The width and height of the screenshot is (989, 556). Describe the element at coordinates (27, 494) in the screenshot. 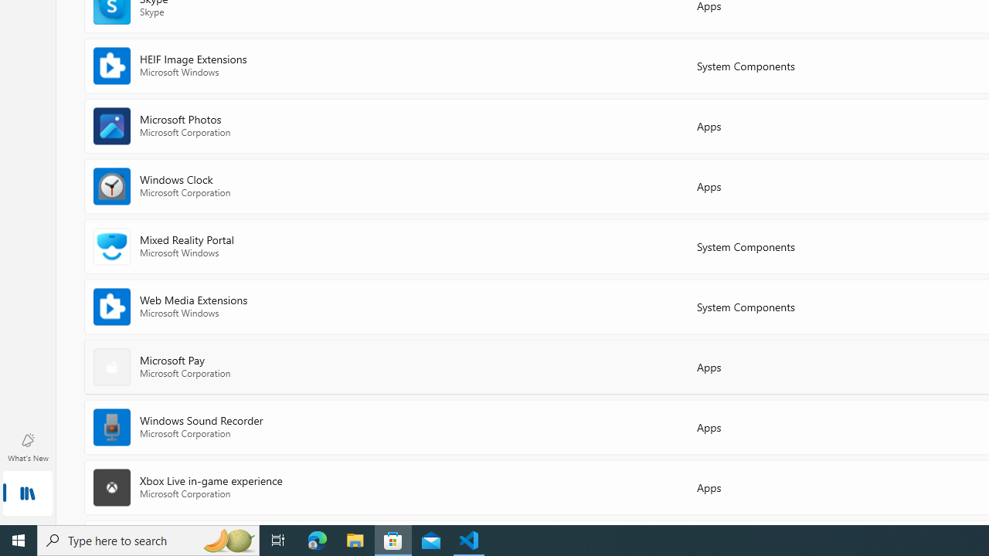

I see `'Library'` at that location.